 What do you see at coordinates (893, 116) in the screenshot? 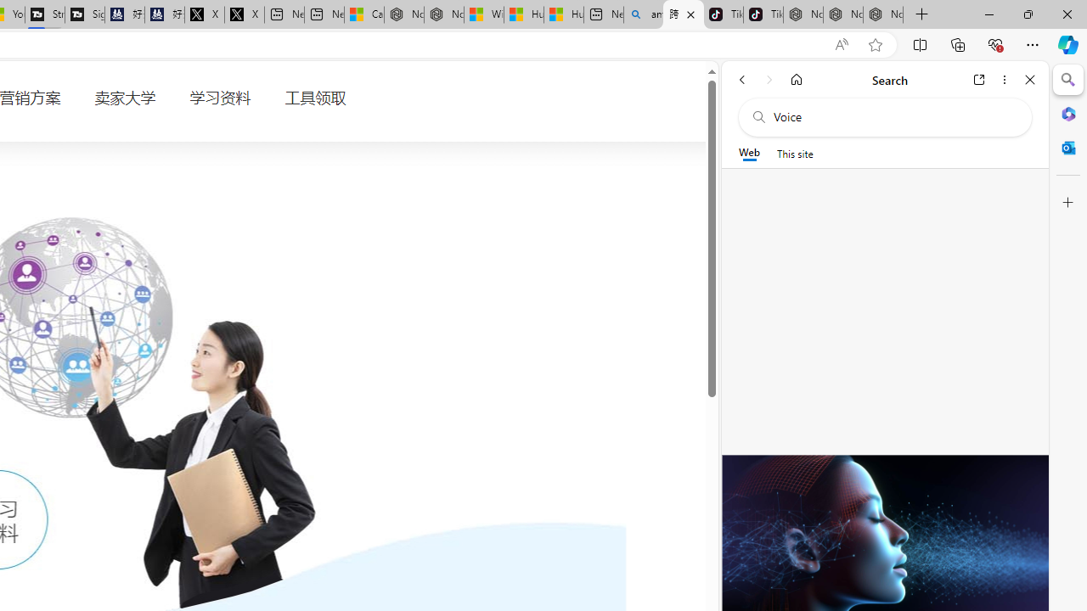
I see `'Search the web'` at bounding box center [893, 116].